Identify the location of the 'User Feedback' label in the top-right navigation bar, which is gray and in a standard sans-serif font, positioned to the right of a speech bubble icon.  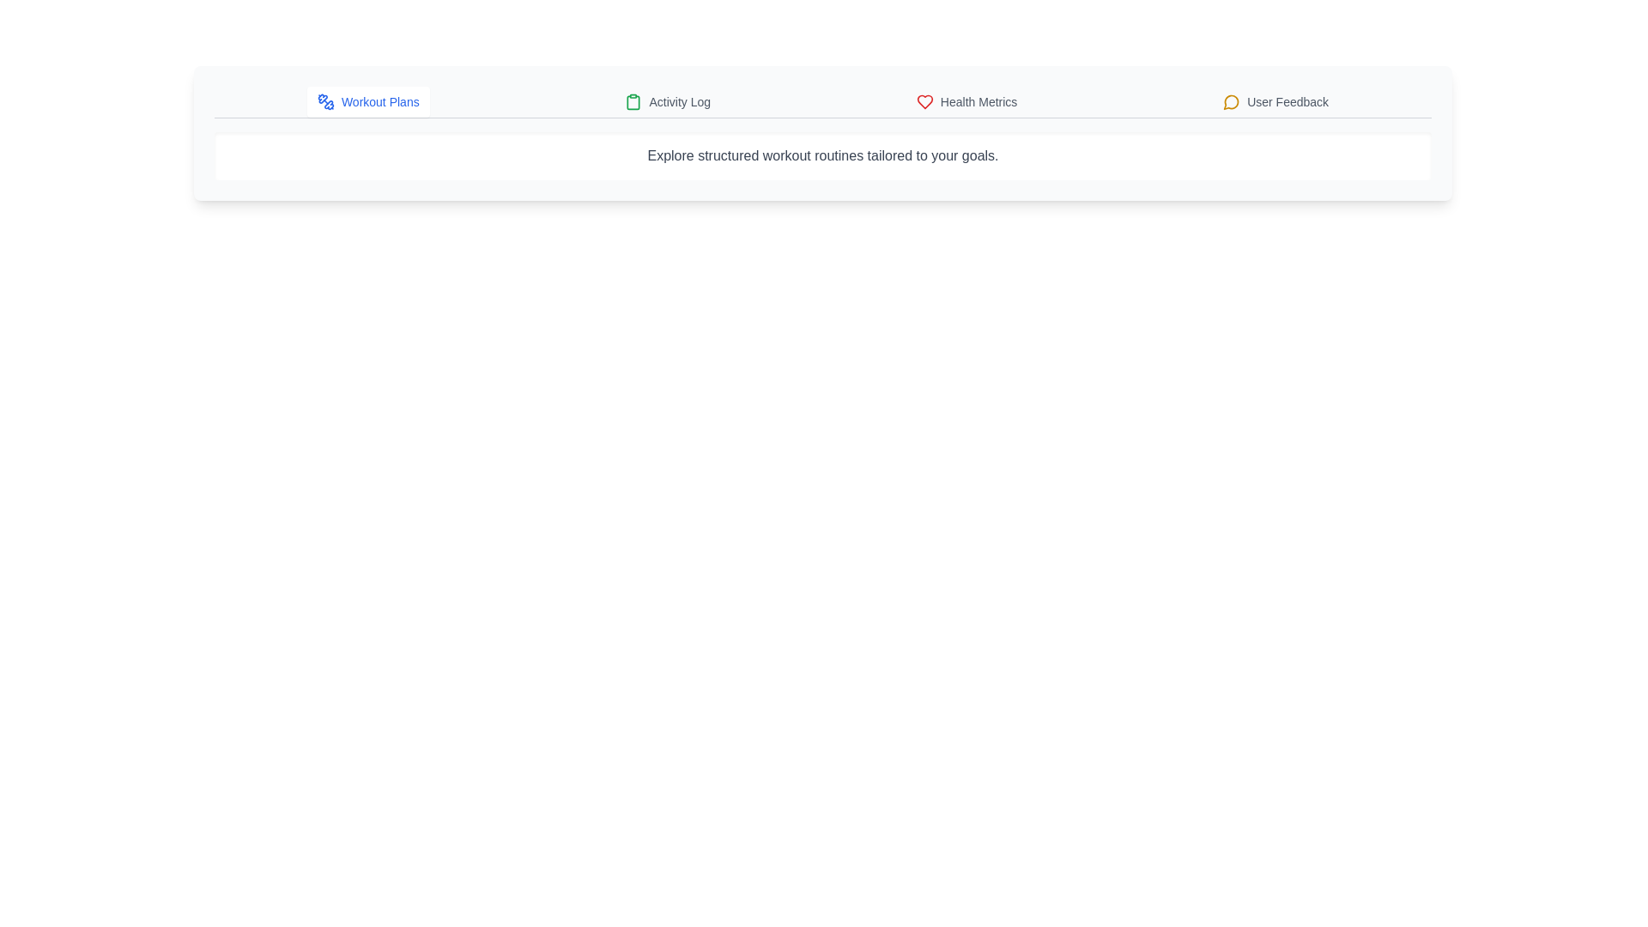
(1287, 102).